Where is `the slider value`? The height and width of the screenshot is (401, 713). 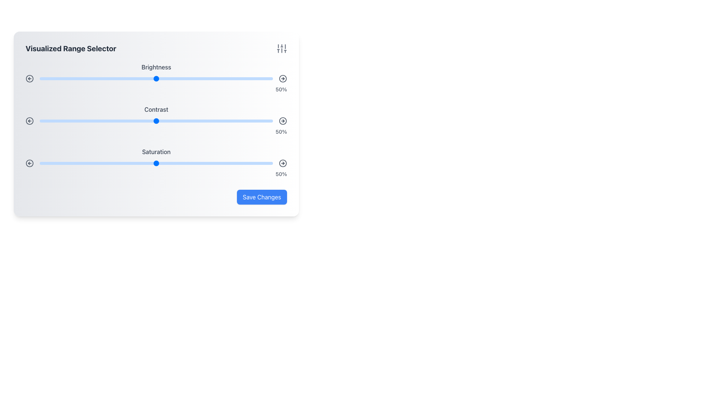 the slider value is located at coordinates (107, 121).